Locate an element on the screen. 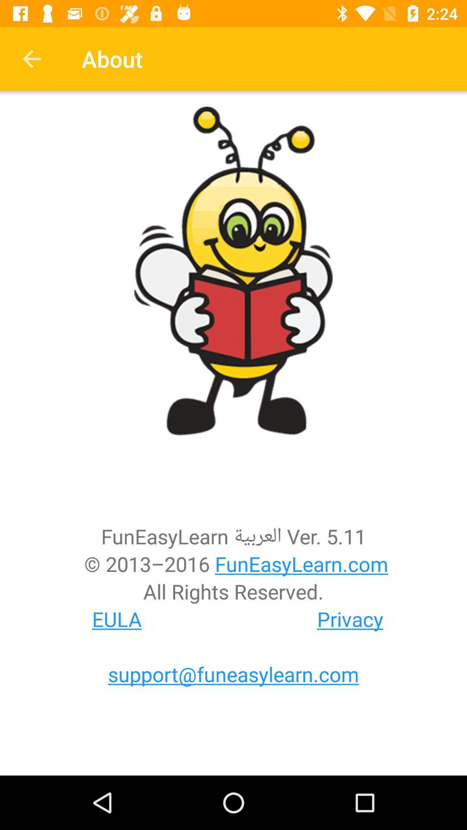  2013 2016 funeasylearn item is located at coordinates (233, 564).